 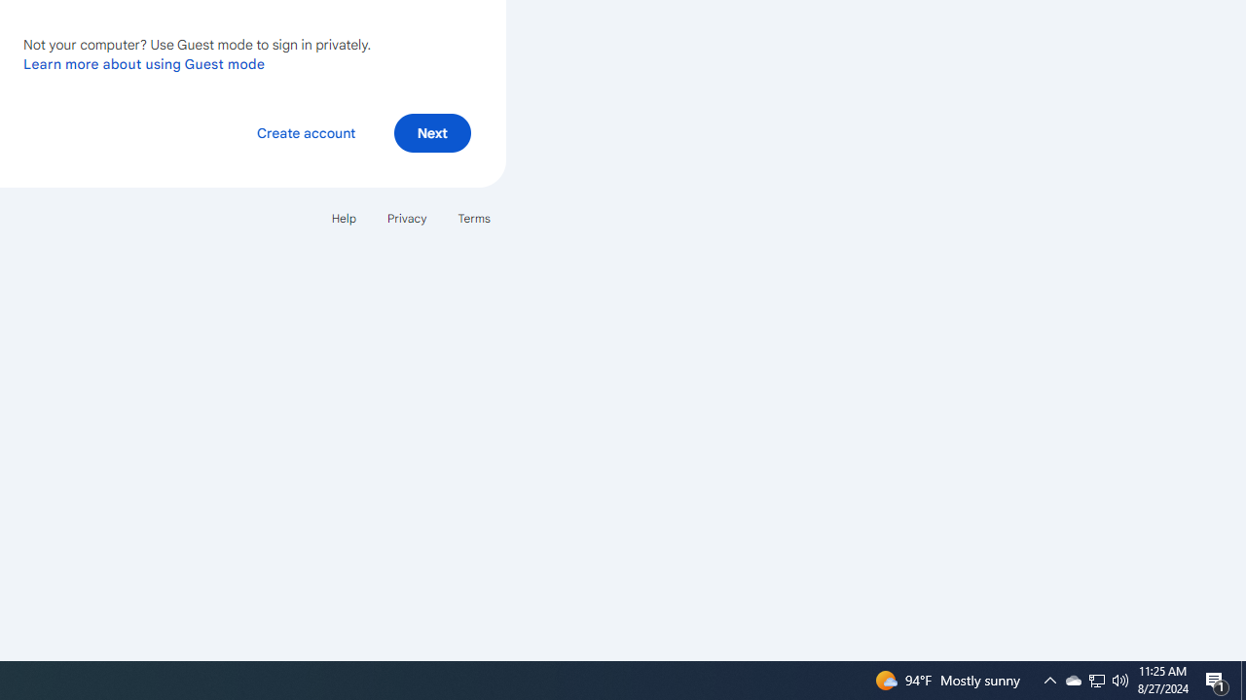 What do you see at coordinates (405, 218) in the screenshot?
I see `'Privacy'` at bounding box center [405, 218].